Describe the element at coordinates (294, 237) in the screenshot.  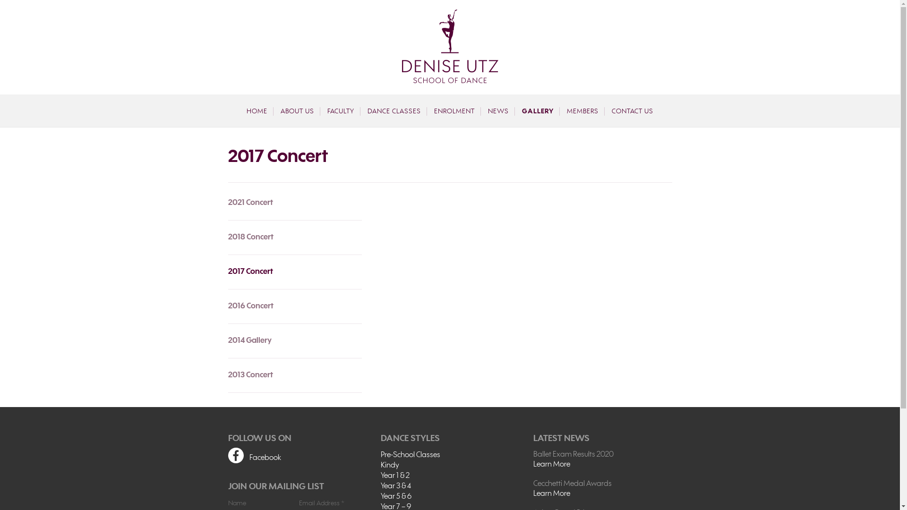
I see `'2018 Concert'` at that location.